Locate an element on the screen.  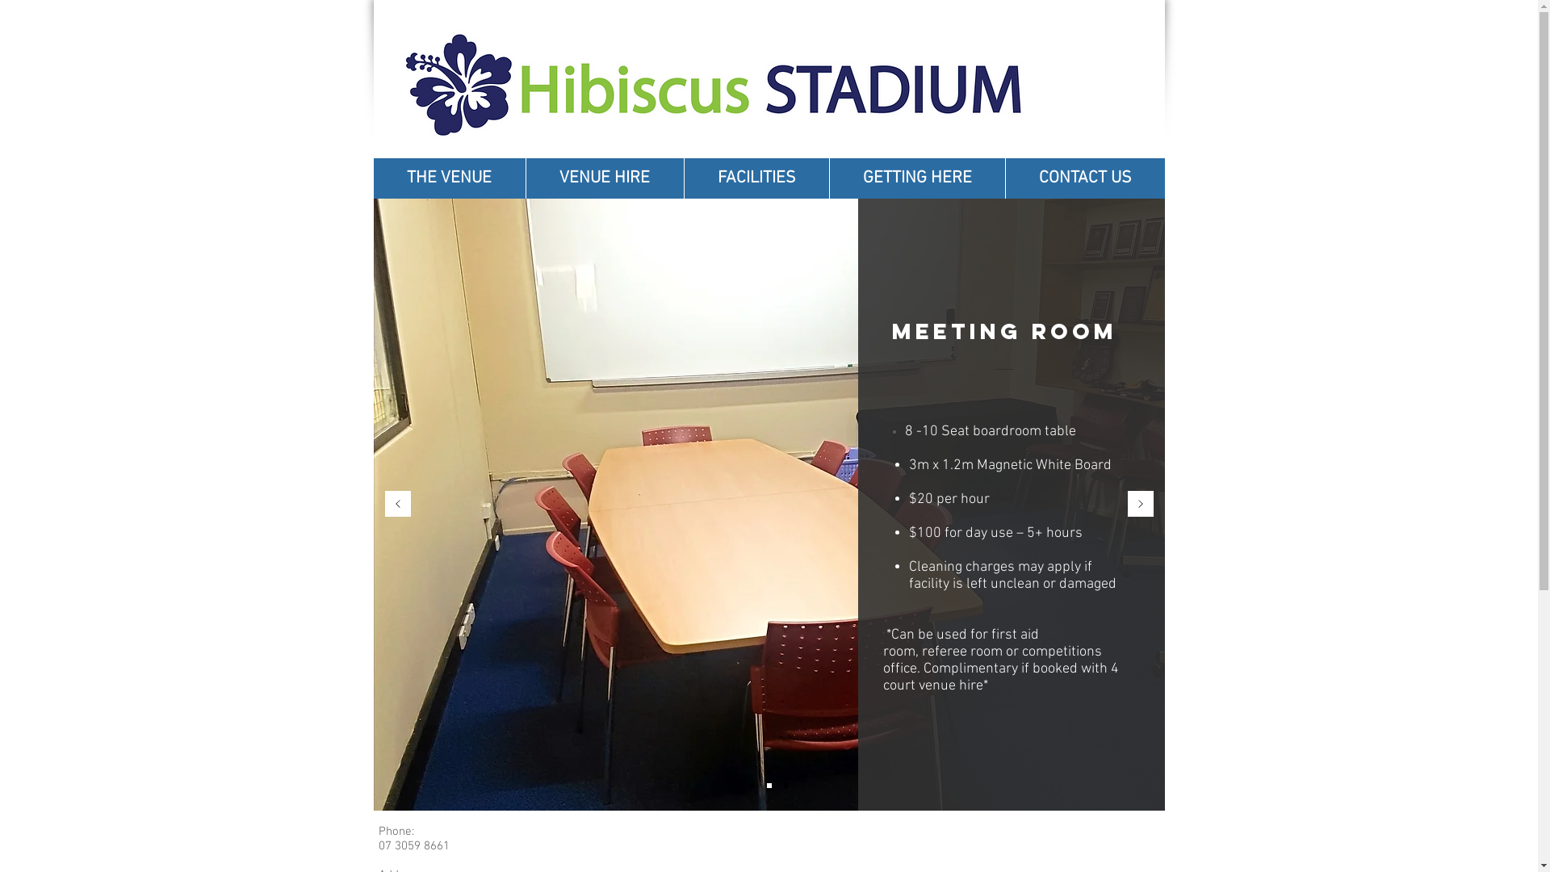
'FACILITIES' is located at coordinates (755, 178).